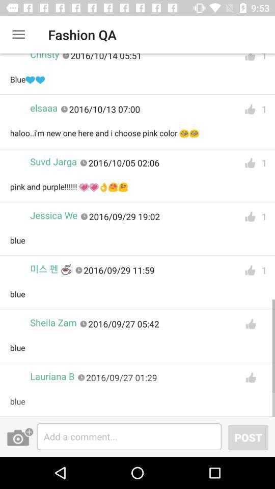  I want to click on like comment, so click(250, 60).